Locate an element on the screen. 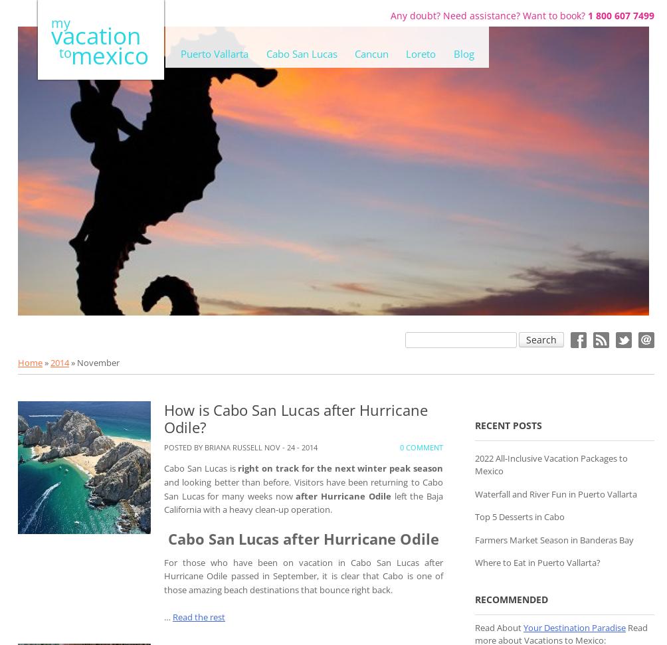 The width and height of the screenshot is (667, 645). 'For those who have been on vacation in Cabo San Lucas after Hurricane Odile passed in September, it is clear that Cabo is one of those amazing beach destinations that bounce right back.' is located at coordinates (303, 576).